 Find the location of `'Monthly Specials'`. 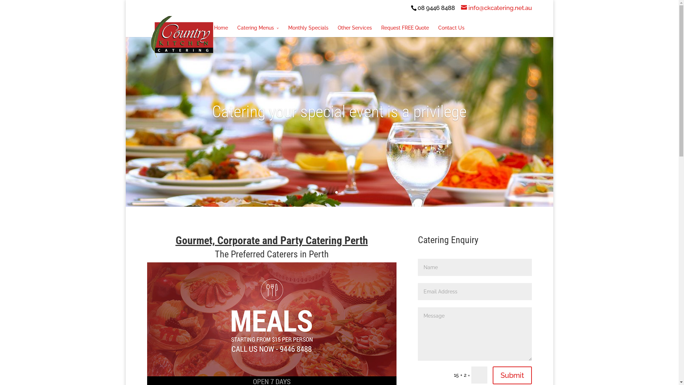

'Monthly Specials' is located at coordinates (308, 30).